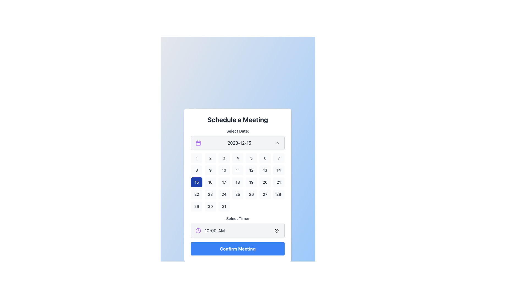  I want to click on the button representing the date '11' in the calendar grid, so click(238, 170).